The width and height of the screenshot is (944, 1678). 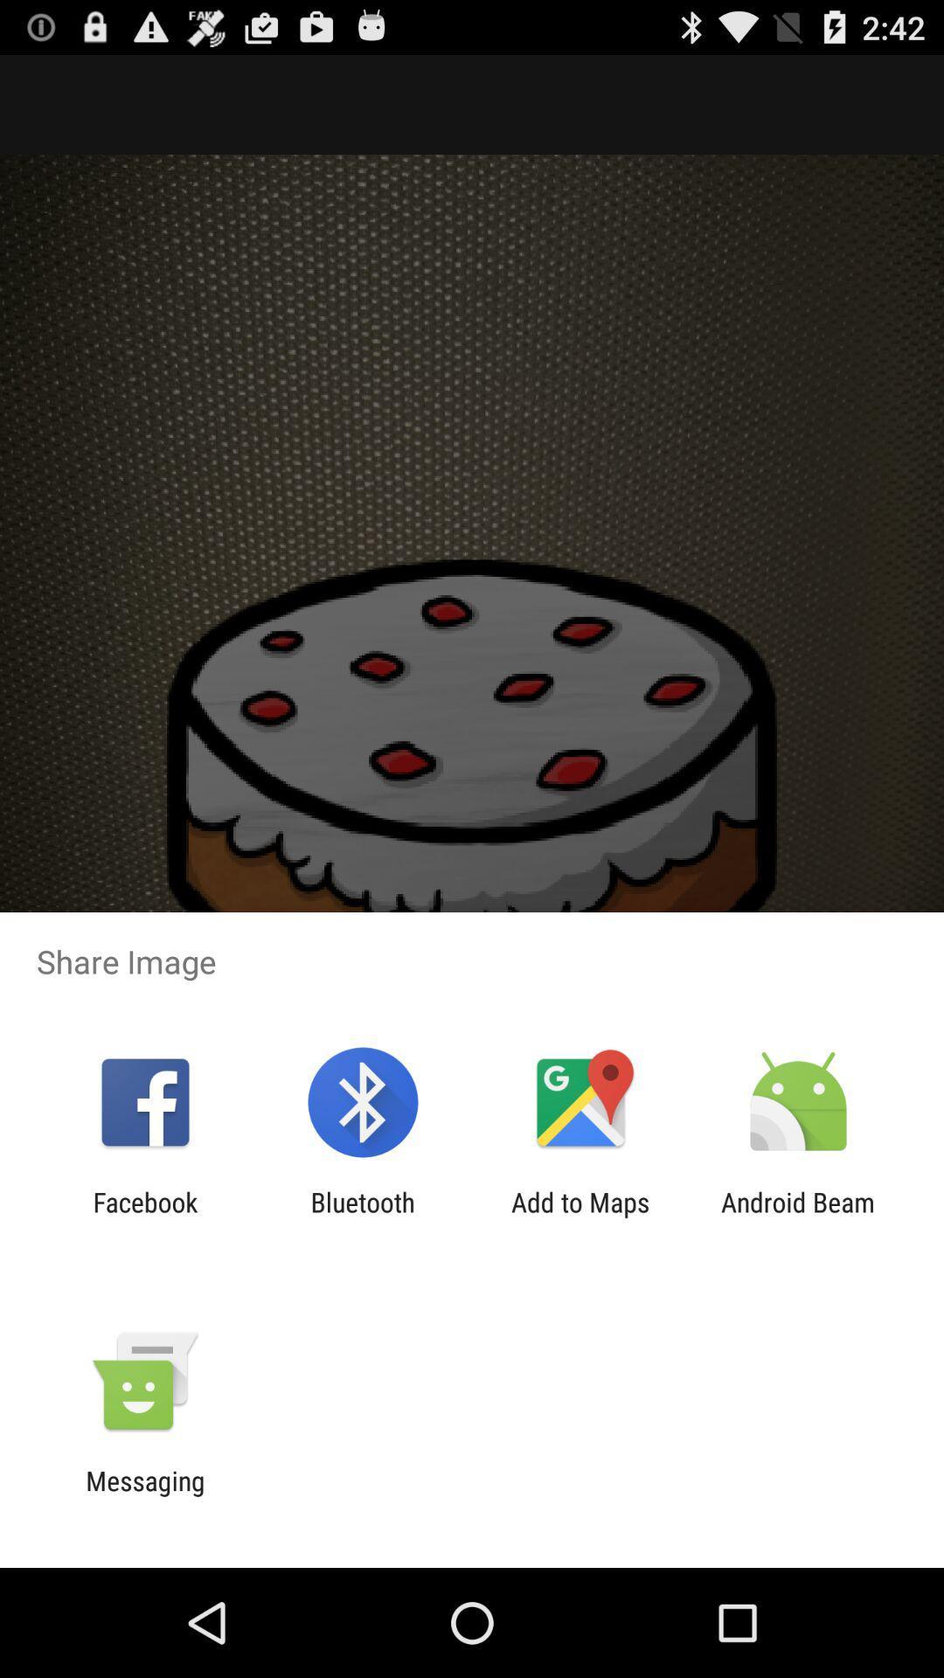 I want to click on the app next to add to maps app, so click(x=798, y=1217).